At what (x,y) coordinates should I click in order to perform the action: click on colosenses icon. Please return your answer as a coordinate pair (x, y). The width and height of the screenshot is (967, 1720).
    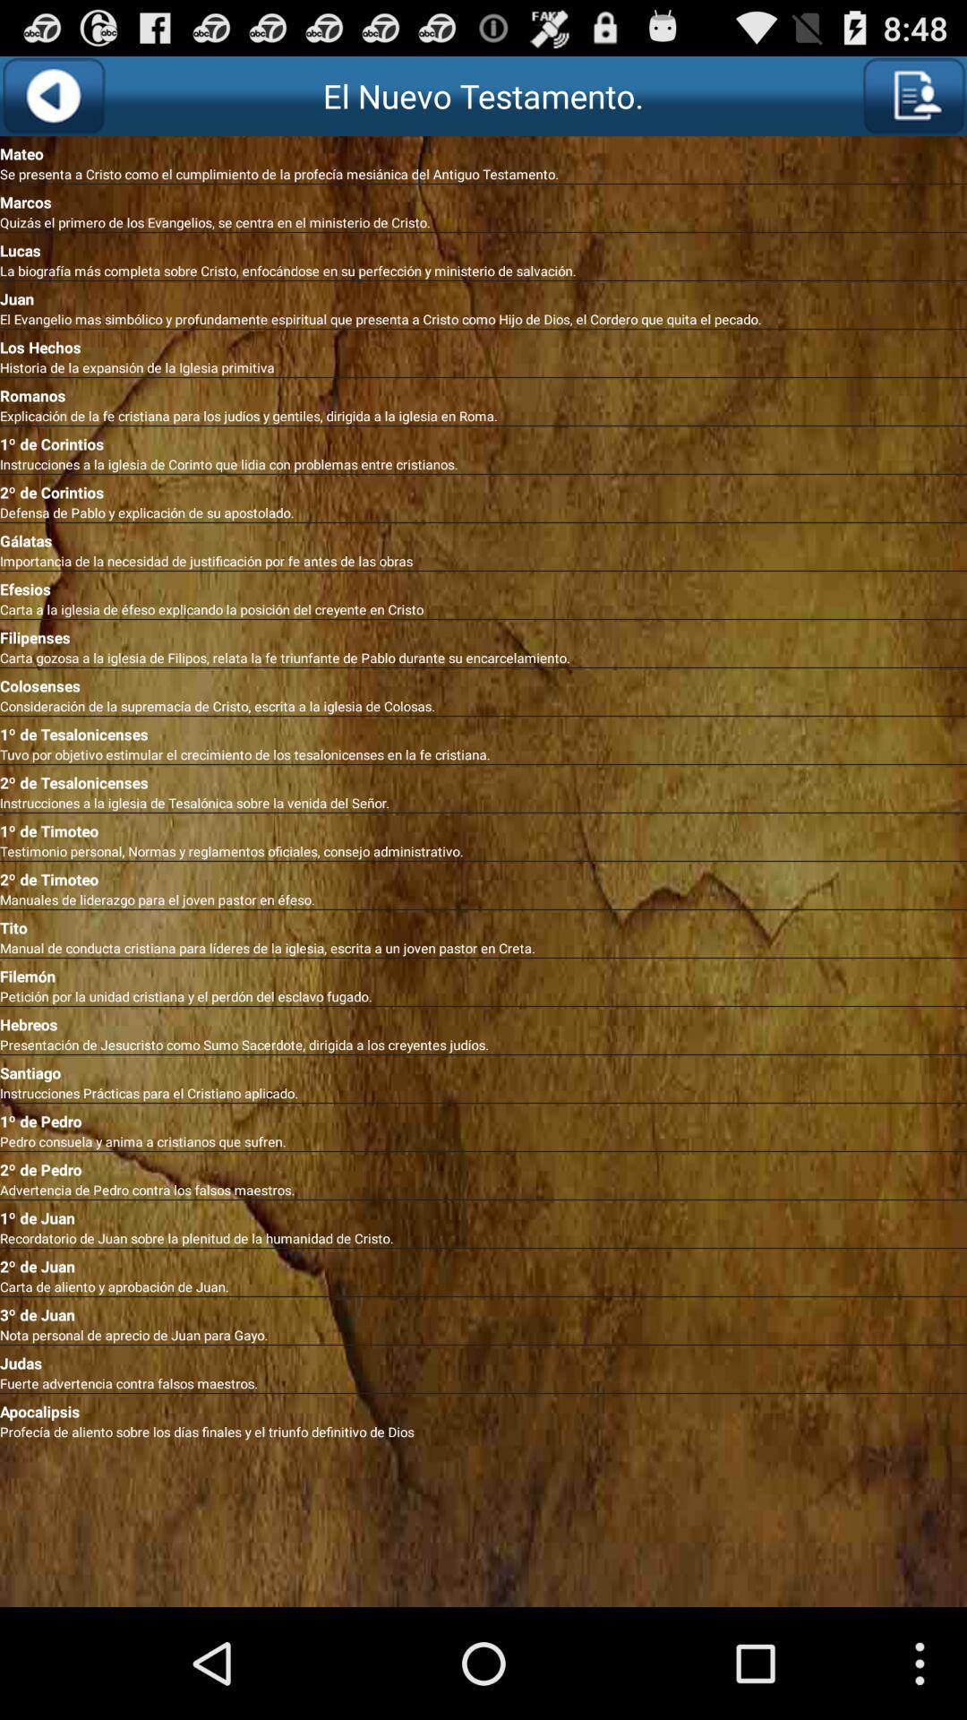
    Looking at the image, I should click on (483, 682).